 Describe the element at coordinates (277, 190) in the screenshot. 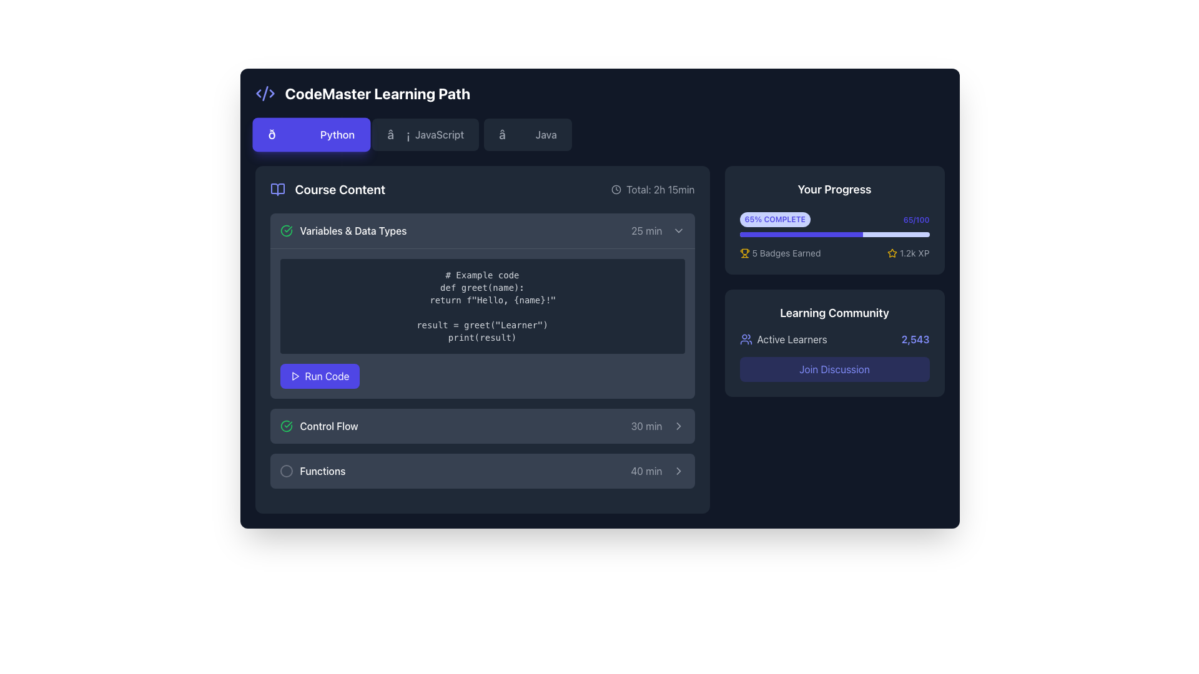

I see `the indigo book icon, which features two open pages and is located to the left of the 'Course Content' text` at that location.